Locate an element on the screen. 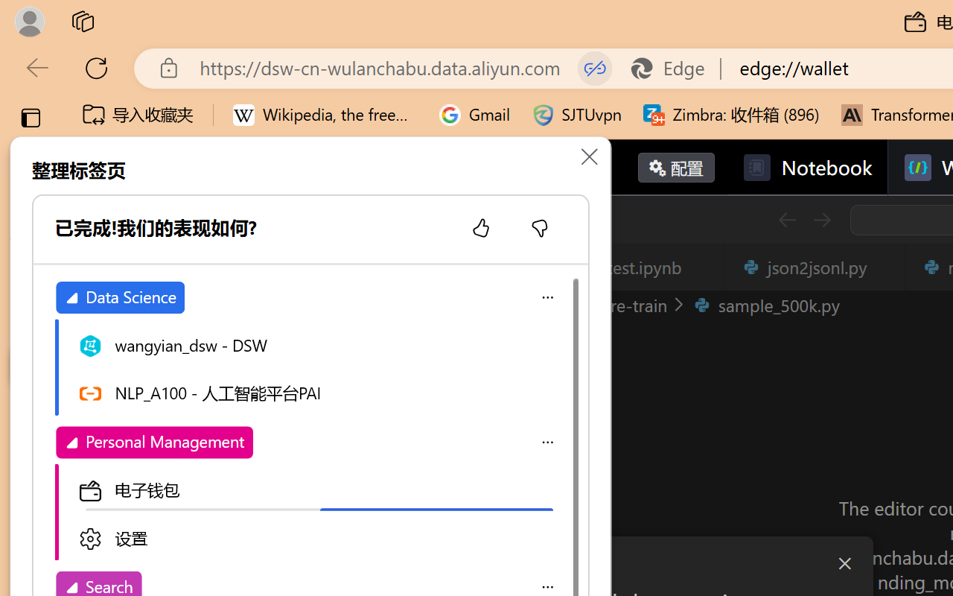 The width and height of the screenshot is (953, 596). 'Edge' is located at coordinates (674, 68).